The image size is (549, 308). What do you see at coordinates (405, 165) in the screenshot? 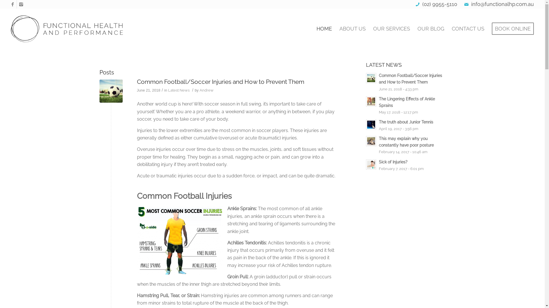
I see `'Sick of Injuries?` at bounding box center [405, 165].